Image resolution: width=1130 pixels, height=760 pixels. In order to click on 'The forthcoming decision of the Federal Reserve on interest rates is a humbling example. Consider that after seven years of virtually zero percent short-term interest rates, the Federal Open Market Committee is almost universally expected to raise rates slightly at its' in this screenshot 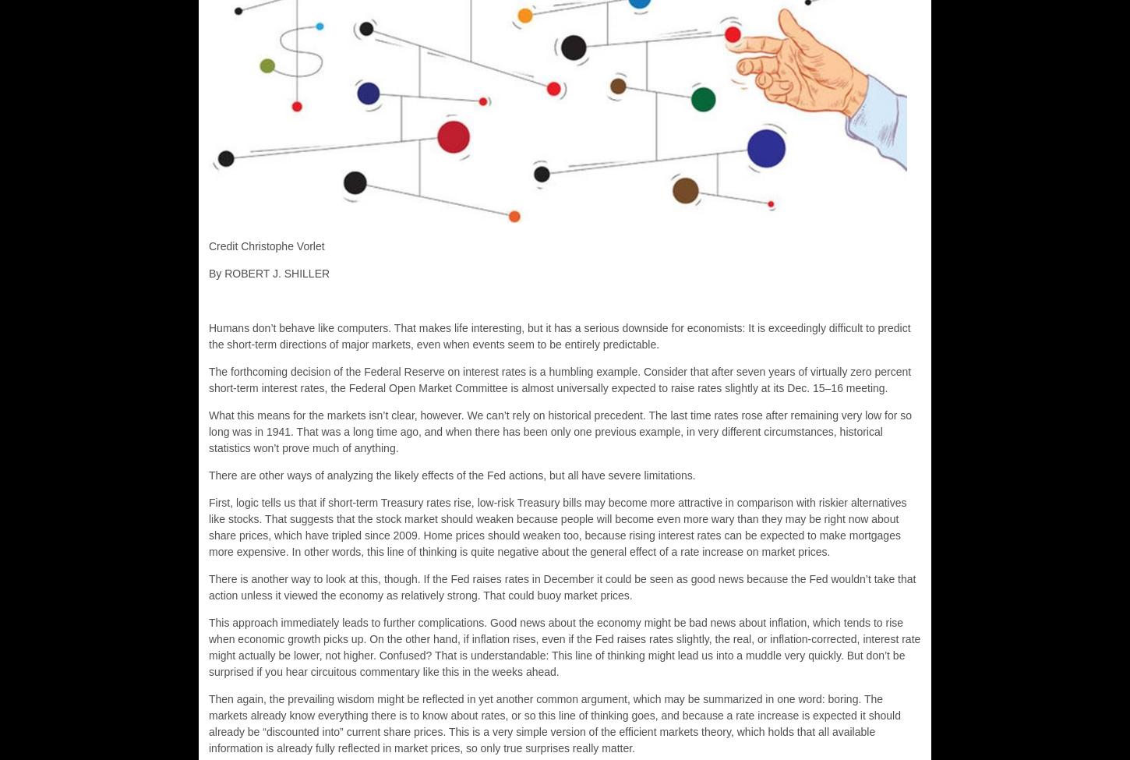, I will do `click(559, 380)`.